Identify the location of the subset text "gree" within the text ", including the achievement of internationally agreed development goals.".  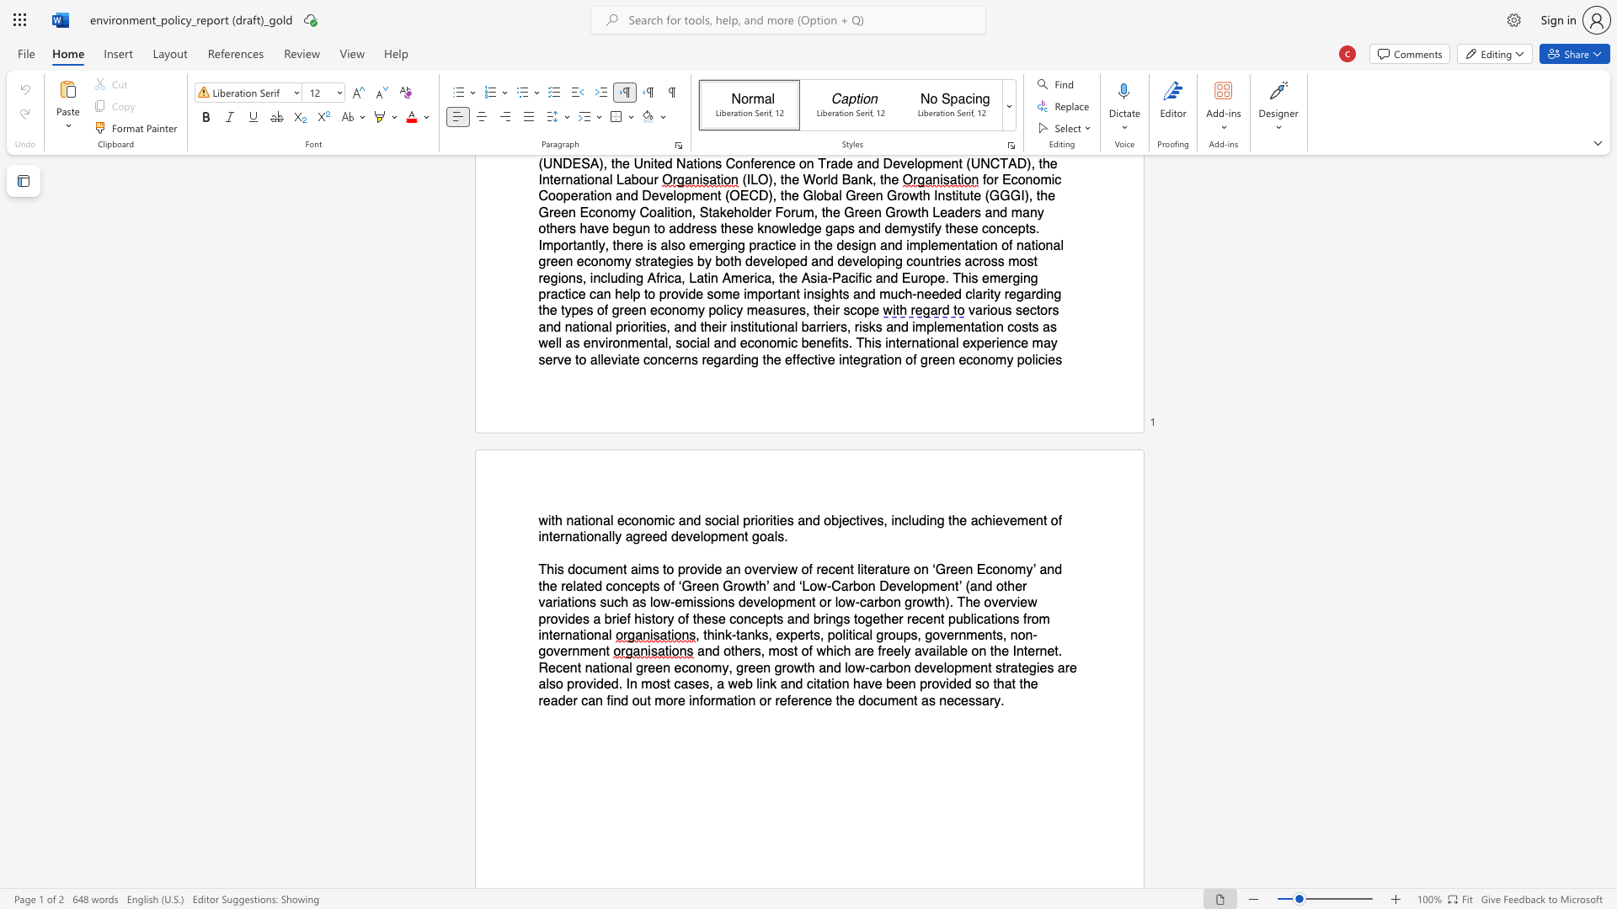
(632, 537).